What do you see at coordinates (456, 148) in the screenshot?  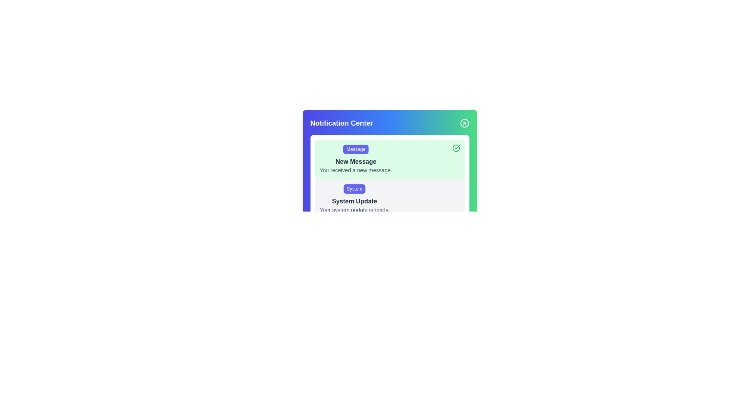 I see `the circular green icon button featuring a checkmark symbol located in the top-right corner of the 'New Message' notification card to change its shade of green` at bounding box center [456, 148].